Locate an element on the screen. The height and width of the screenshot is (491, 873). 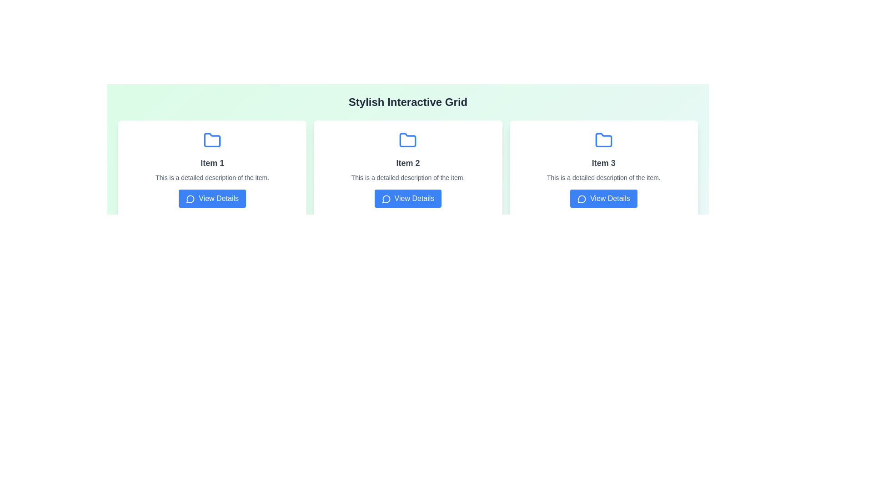
the decorative icon representing 'Item 1', located at the top of the card above the text description and 'View Details' button is located at coordinates (212, 140).